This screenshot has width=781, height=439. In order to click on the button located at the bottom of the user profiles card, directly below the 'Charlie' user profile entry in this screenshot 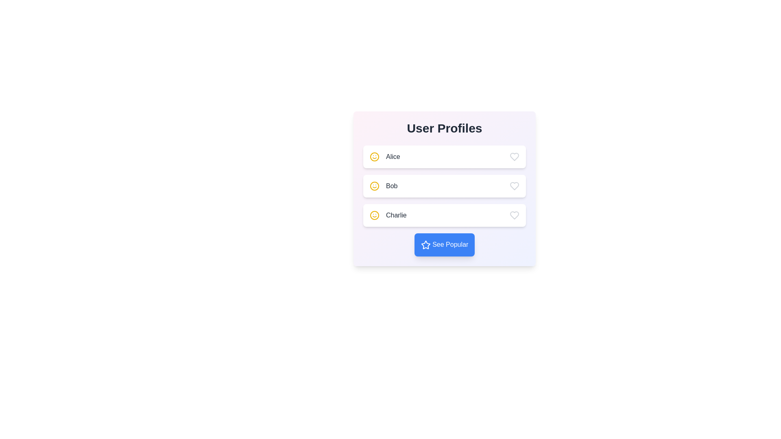, I will do `click(444, 244)`.